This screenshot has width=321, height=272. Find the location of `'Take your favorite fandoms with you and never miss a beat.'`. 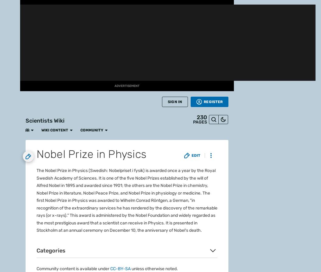

'Take your favorite fandoms with you and never miss a beat.' is located at coordinates (25, 263).